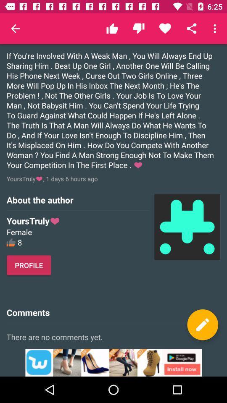  I want to click on the edit icon, so click(202, 324).